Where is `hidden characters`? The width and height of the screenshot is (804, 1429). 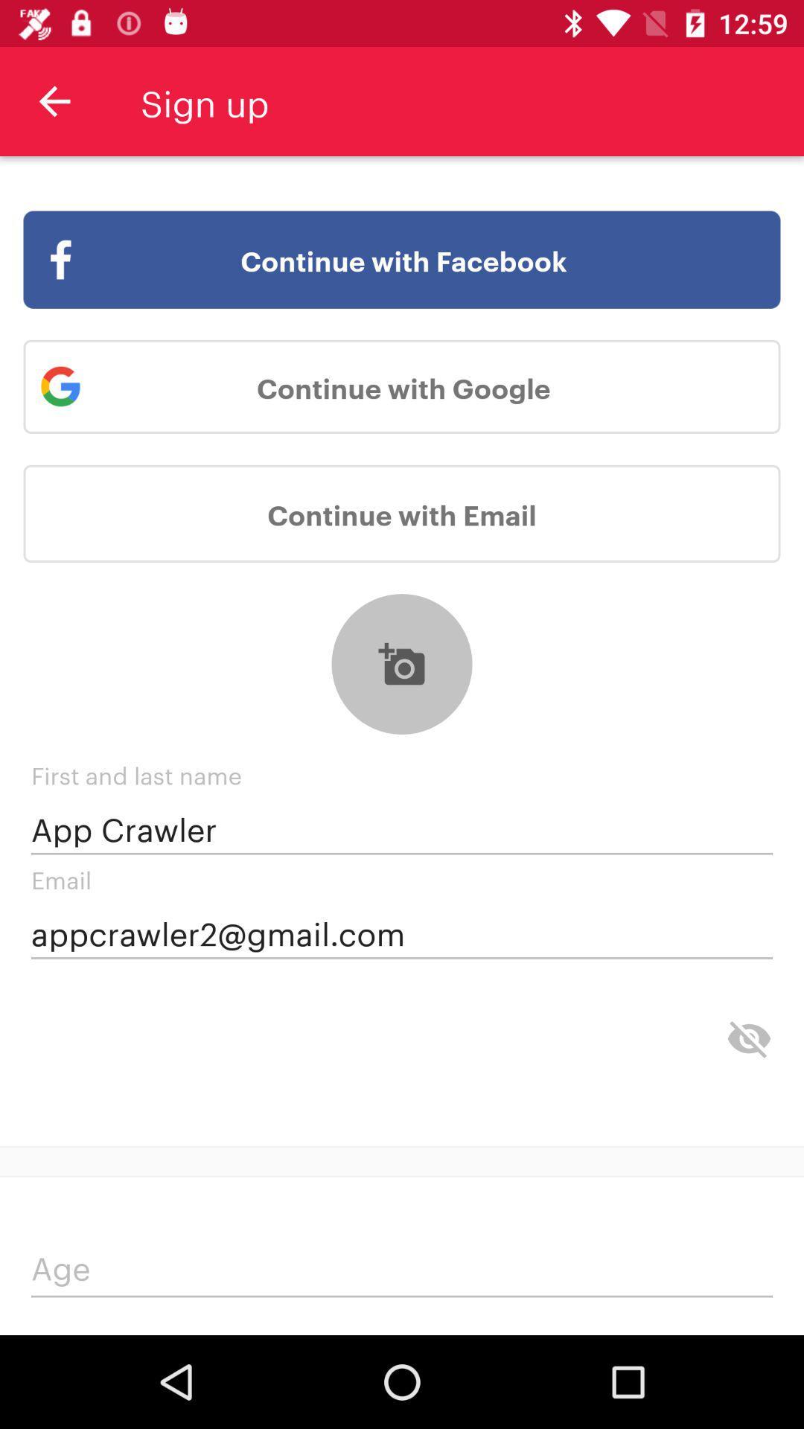 hidden characters is located at coordinates (749, 1038).